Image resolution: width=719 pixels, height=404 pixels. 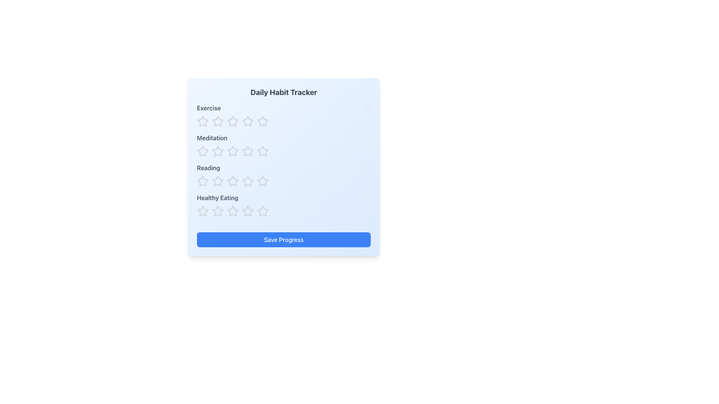 What do you see at coordinates (283, 138) in the screenshot?
I see `the row representing the 'Meditation' activity in the Daily Habit Tracker interface, located between 'Exercise' and 'Reading'` at bounding box center [283, 138].